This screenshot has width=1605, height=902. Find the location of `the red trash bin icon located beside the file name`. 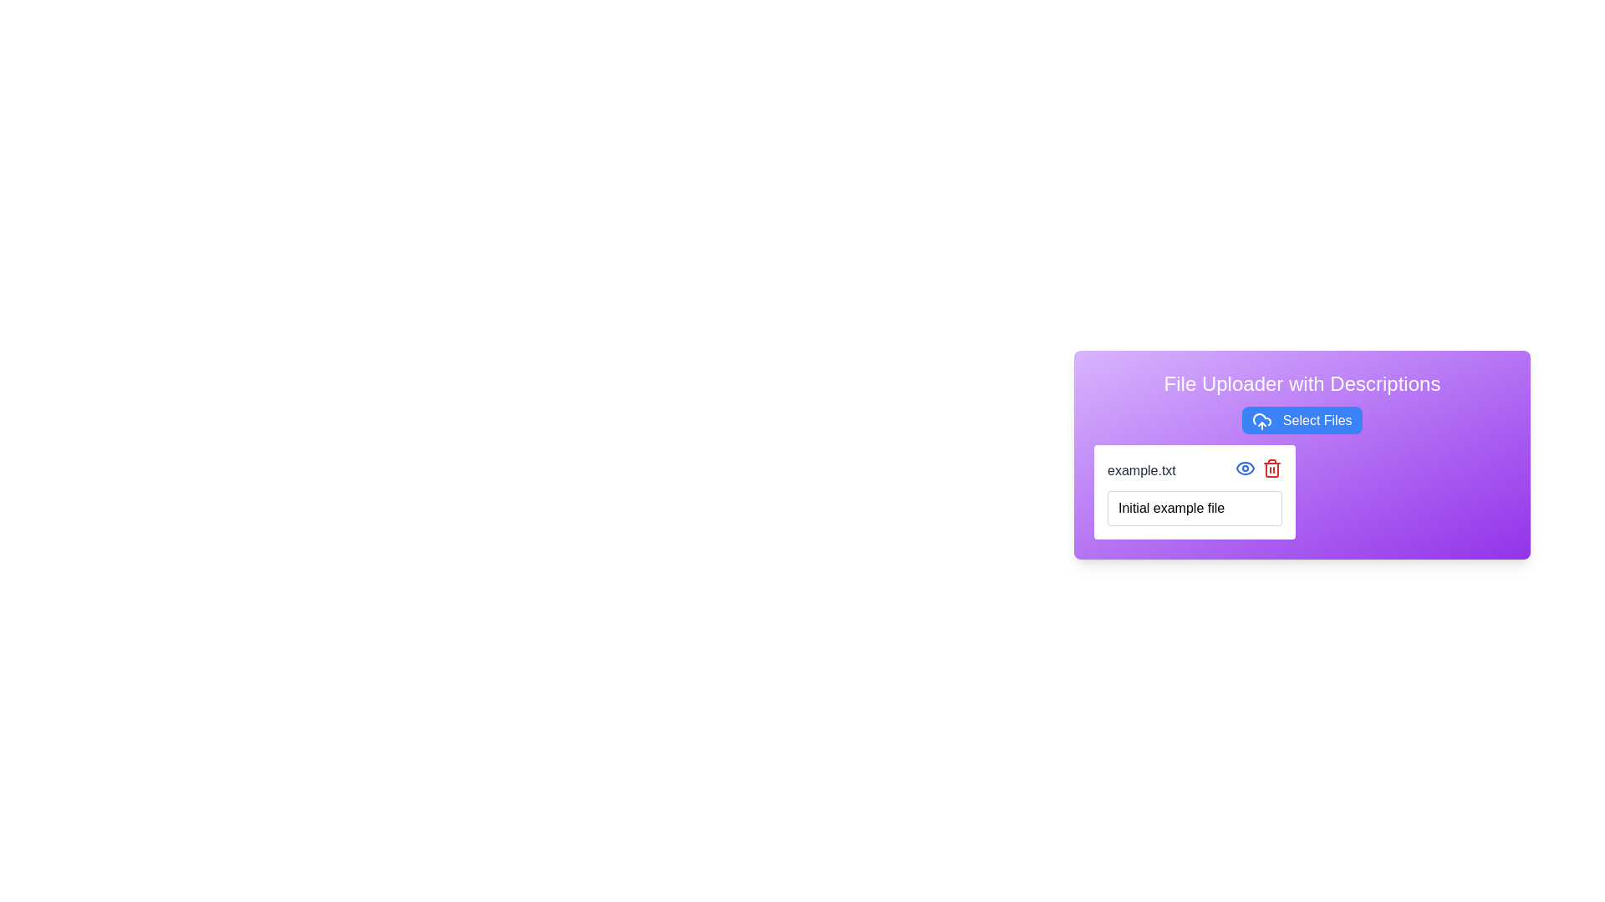

the red trash bin icon located beside the file name is located at coordinates (1271, 467).